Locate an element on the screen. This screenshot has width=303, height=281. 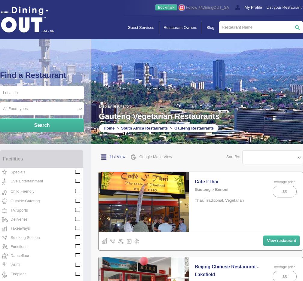
'Traditional' is located at coordinates (214, 200).